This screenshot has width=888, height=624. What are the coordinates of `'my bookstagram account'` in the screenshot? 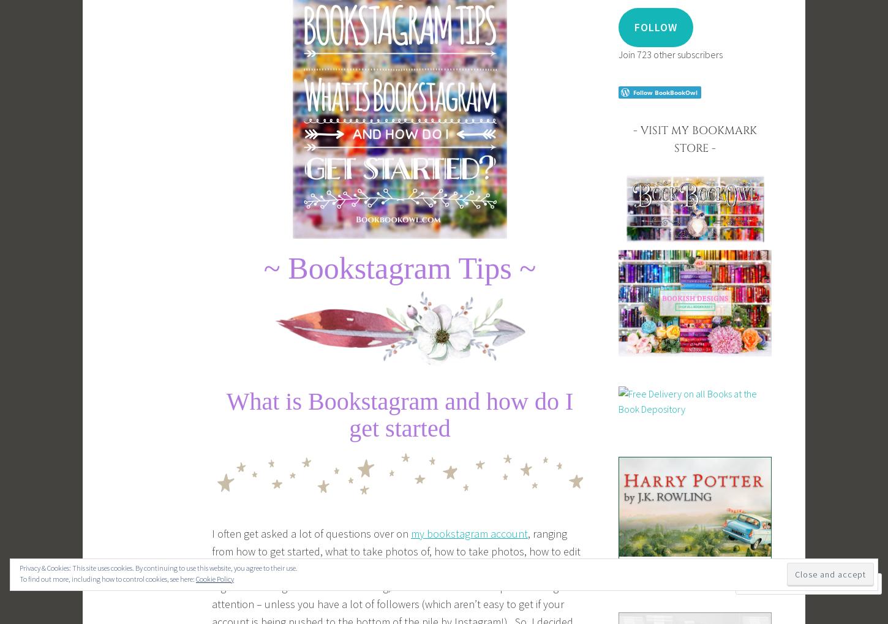 It's located at (469, 533).